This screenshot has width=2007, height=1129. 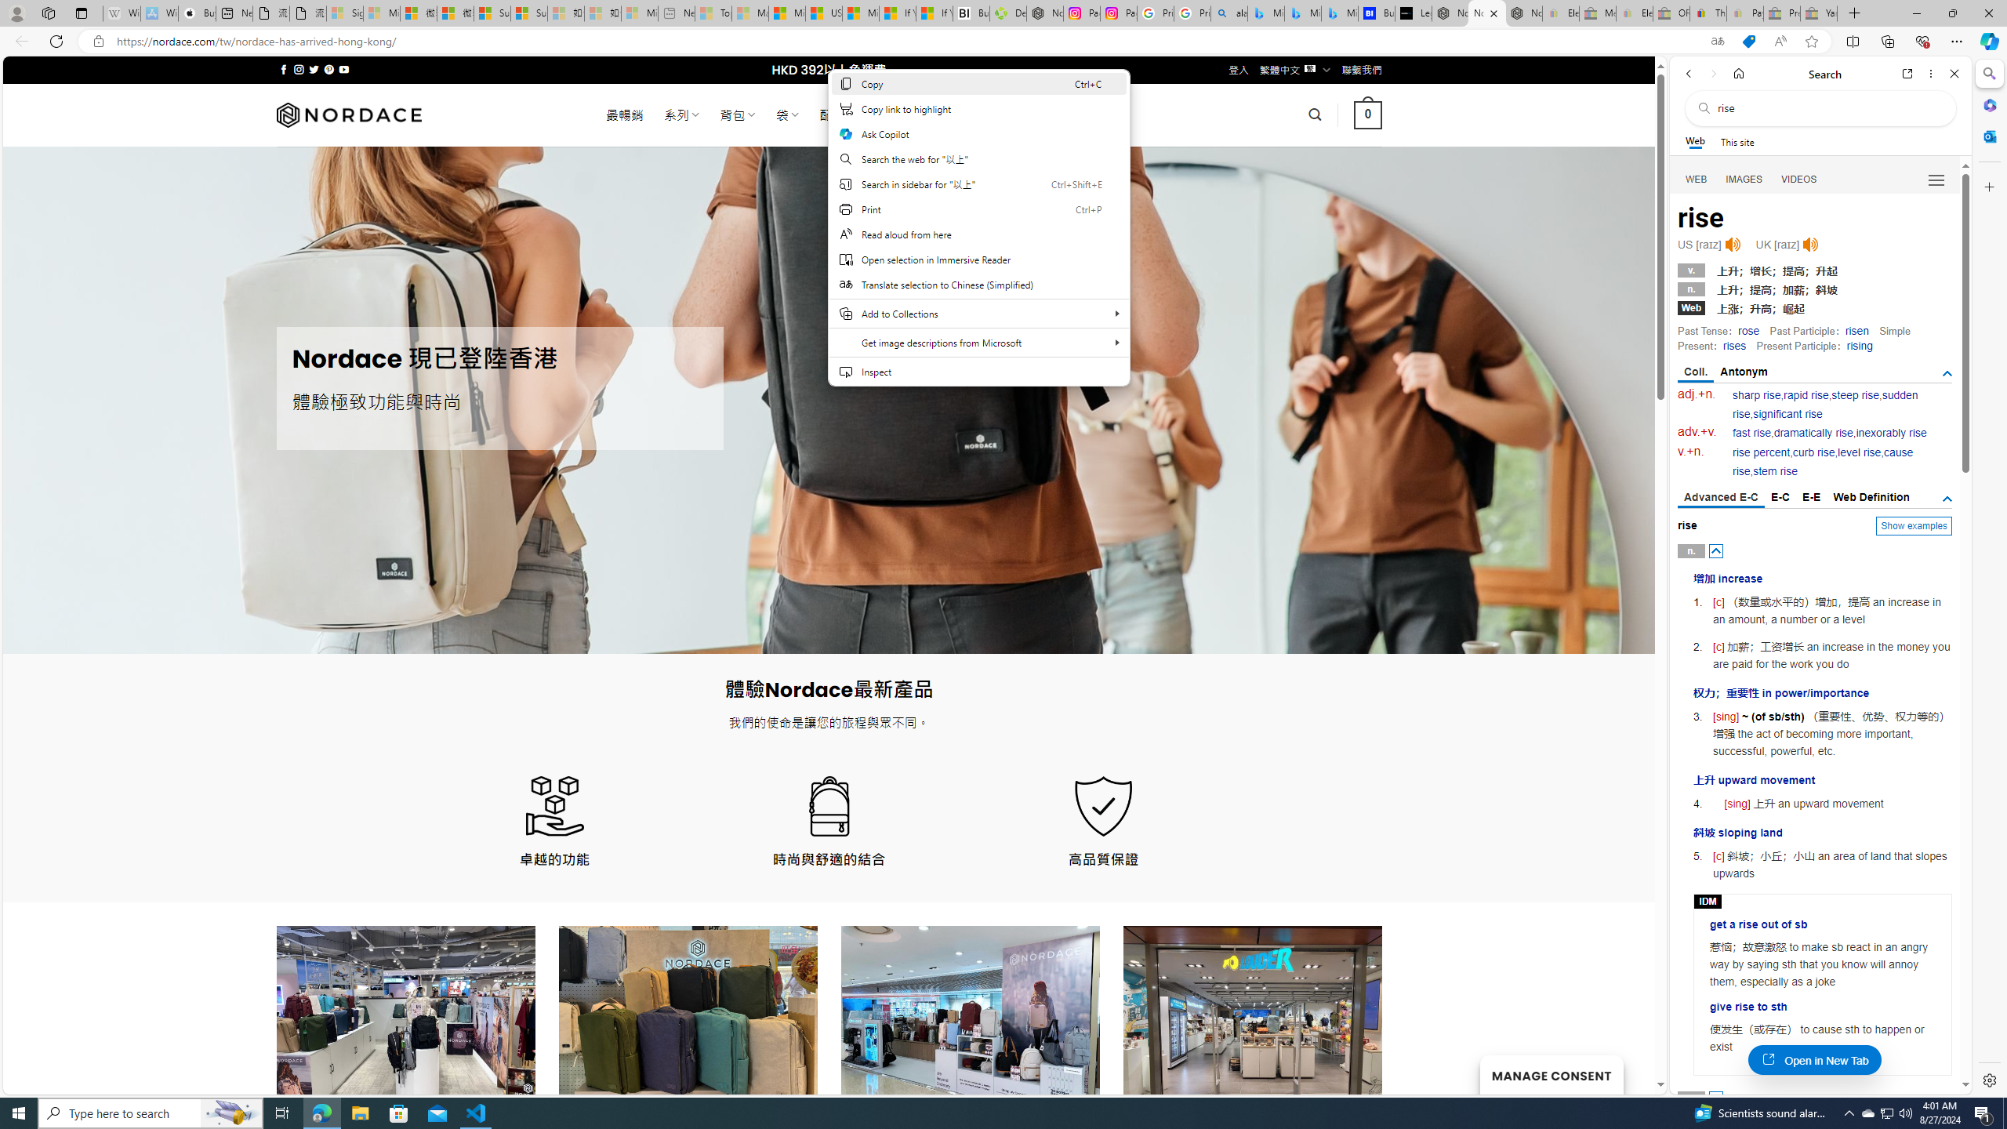 What do you see at coordinates (1744, 178) in the screenshot?
I see `'Search Filter, IMAGES'` at bounding box center [1744, 178].